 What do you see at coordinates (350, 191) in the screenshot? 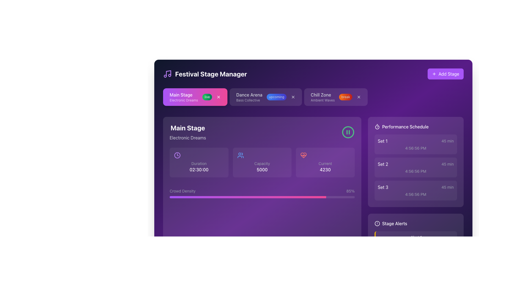
I see `text displayed as '85%' on the text label within the 'Crowd Density' segment, which is styled with a white font on a purple background` at bounding box center [350, 191].